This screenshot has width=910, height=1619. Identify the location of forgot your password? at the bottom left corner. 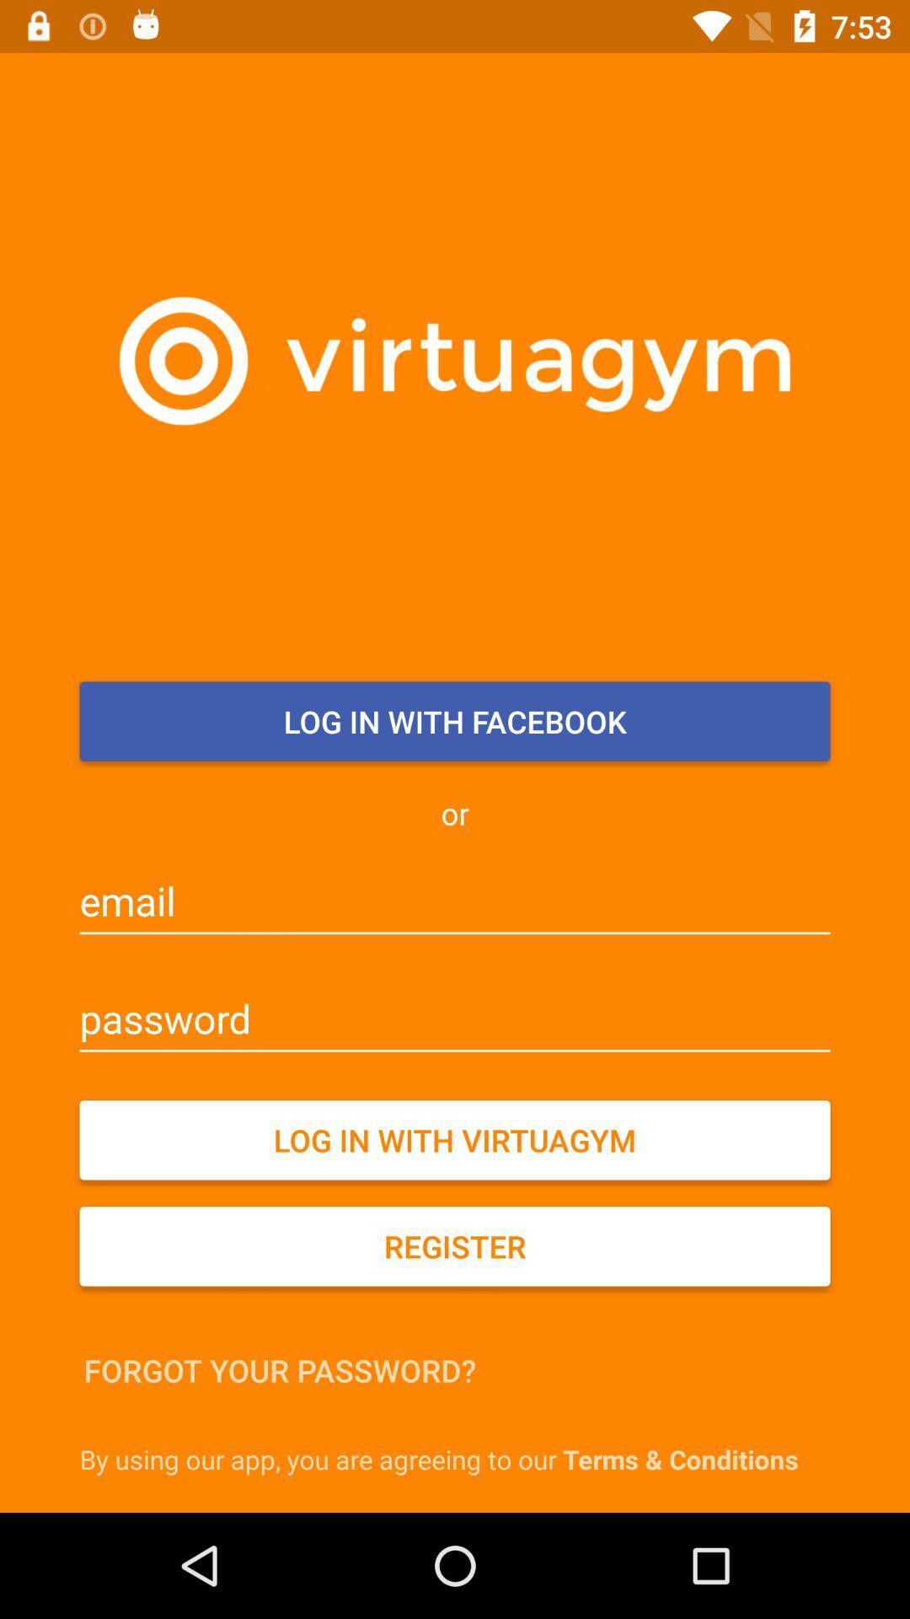
(279, 1370).